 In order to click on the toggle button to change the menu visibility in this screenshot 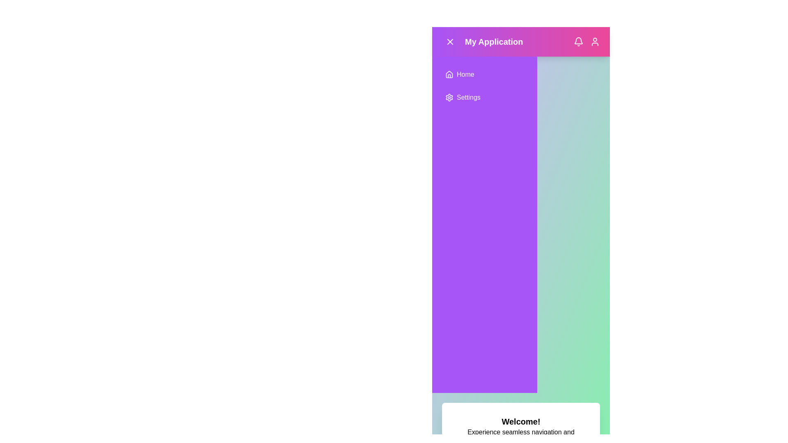, I will do `click(450, 41)`.